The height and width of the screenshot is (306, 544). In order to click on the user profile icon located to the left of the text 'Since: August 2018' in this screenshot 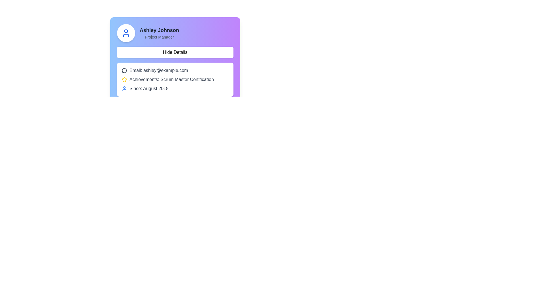, I will do `click(124, 88)`.